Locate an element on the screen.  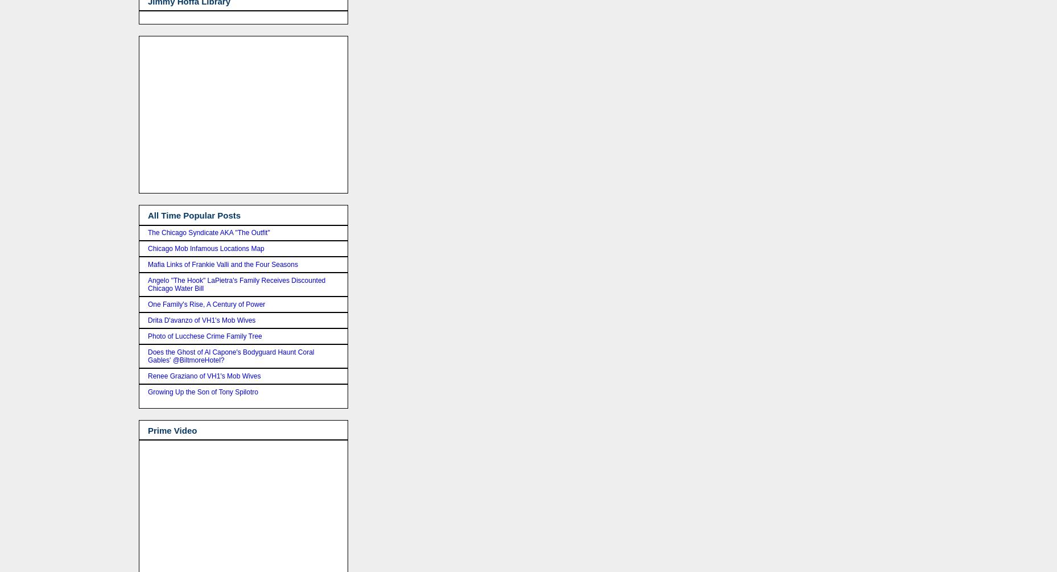
'Photo of Lucchese Crime Family Tree' is located at coordinates (147, 335).